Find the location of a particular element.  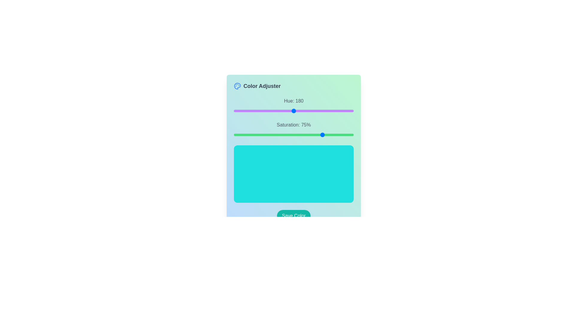

the 'Save Color' button, which is a rounded button with a teal background and white text, located centrally at the bottom of the 'Color Adjuster' card layout is located at coordinates (293, 216).